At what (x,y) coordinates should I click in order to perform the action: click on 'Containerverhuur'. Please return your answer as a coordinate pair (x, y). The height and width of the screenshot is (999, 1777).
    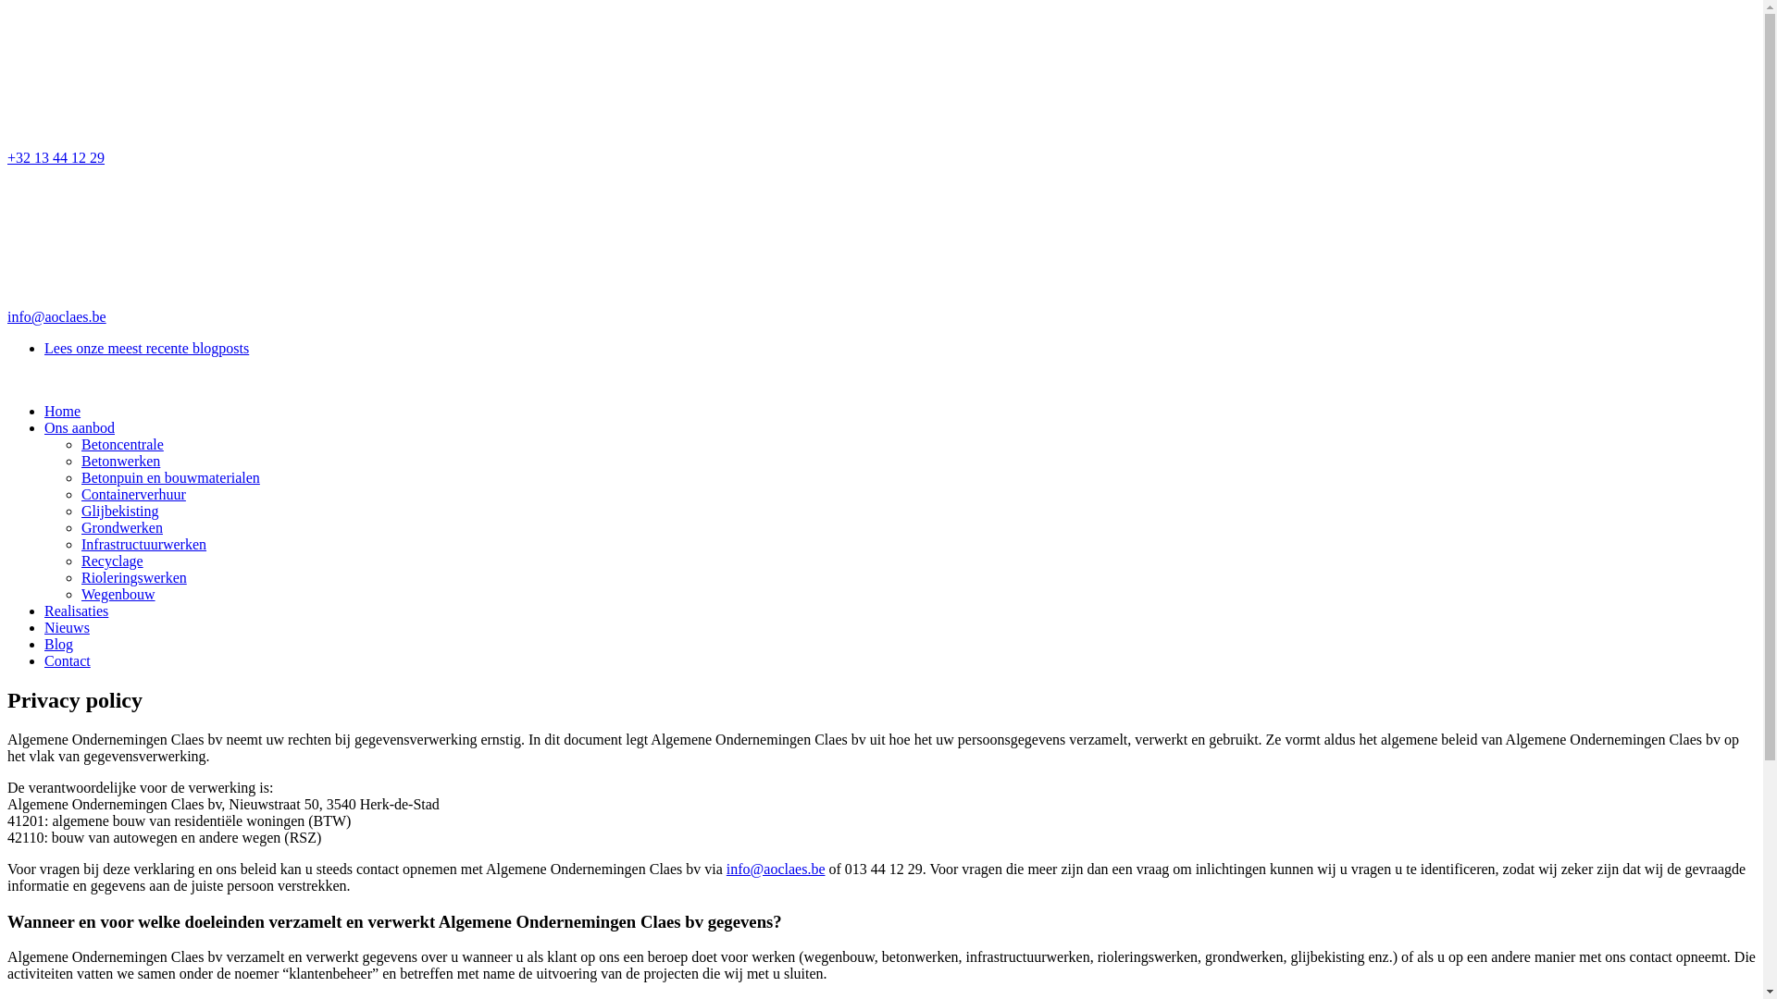
    Looking at the image, I should click on (132, 493).